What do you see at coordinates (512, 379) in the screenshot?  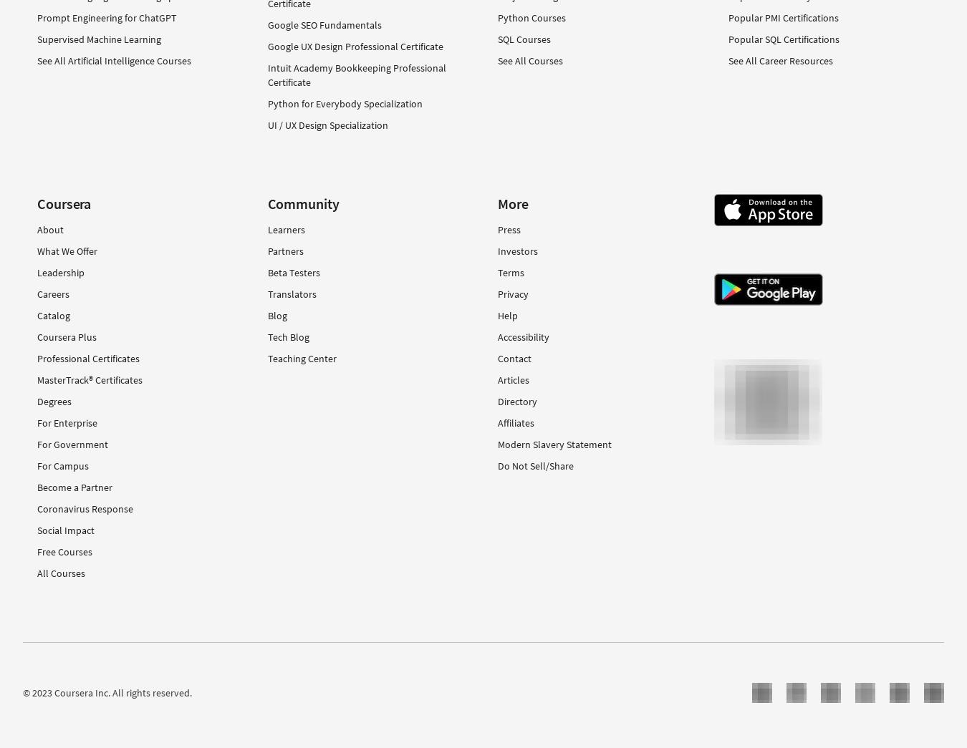 I see `'Articles'` at bounding box center [512, 379].